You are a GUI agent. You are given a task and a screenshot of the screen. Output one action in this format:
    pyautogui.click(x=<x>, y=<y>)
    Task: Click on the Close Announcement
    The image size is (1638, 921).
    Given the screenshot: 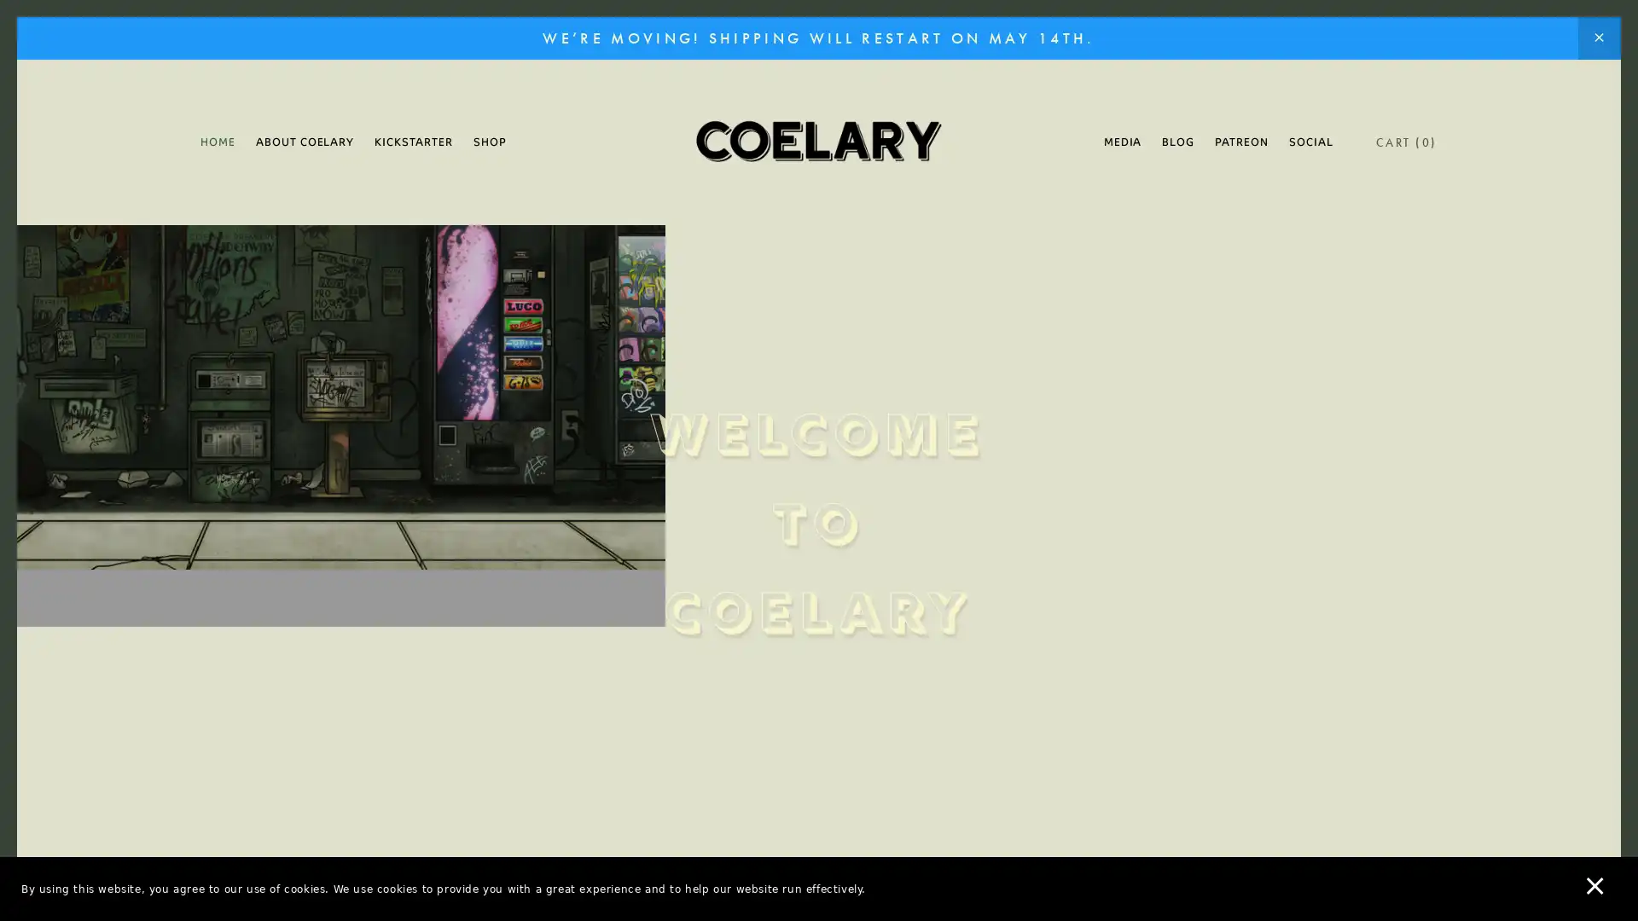 What is the action you would take?
    pyautogui.click(x=1598, y=38)
    